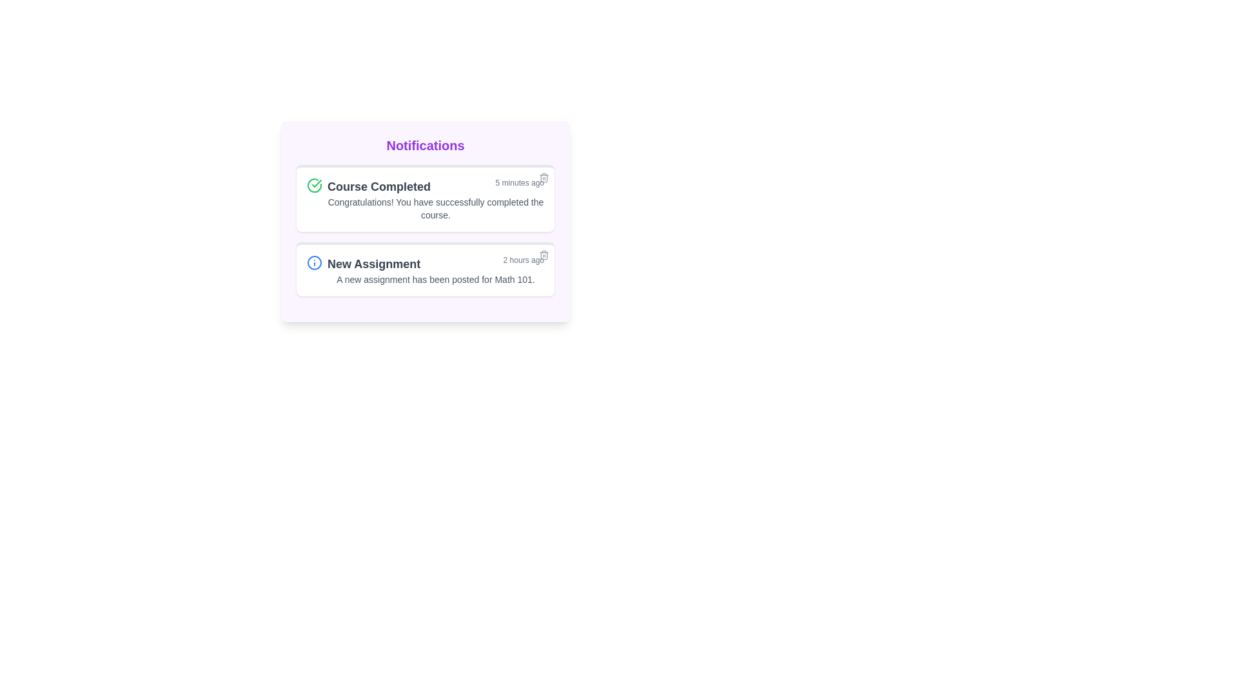 The height and width of the screenshot is (696, 1238). I want to click on the delete button located in the top-right corner of the 'Course Completed' notification, so click(544, 178).